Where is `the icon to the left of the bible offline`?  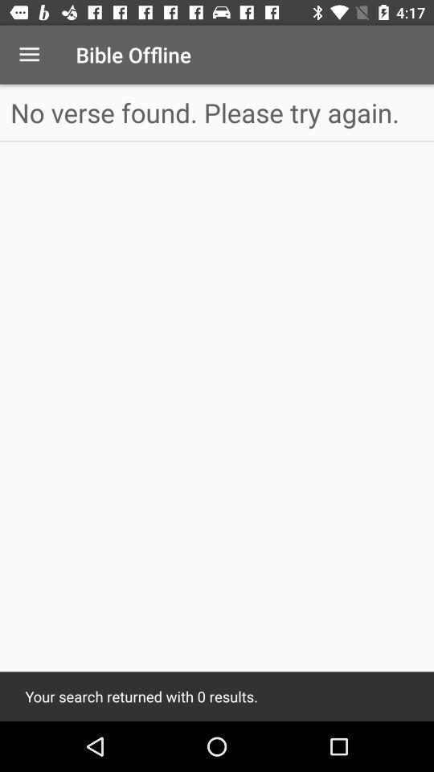
the icon to the left of the bible offline is located at coordinates (29, 55).